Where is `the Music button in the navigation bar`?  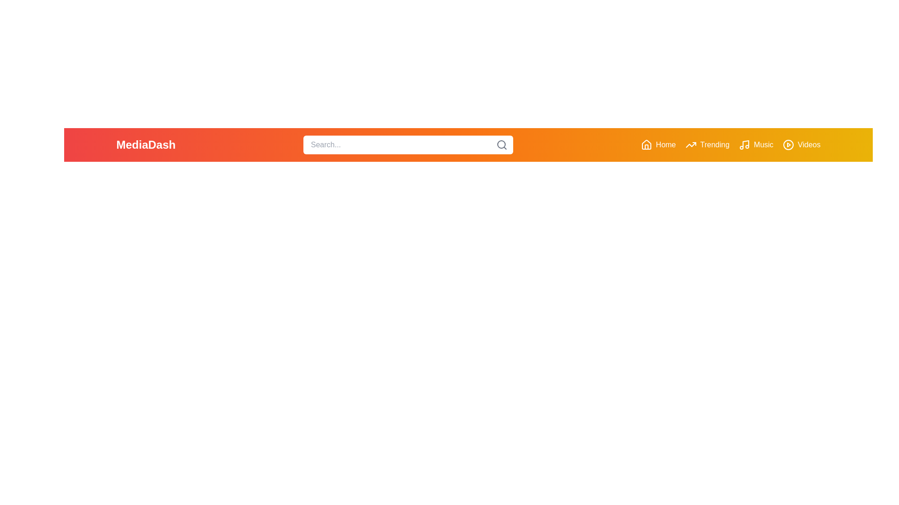 the Music button in the navigation bar is located at coordinates (755, 144).